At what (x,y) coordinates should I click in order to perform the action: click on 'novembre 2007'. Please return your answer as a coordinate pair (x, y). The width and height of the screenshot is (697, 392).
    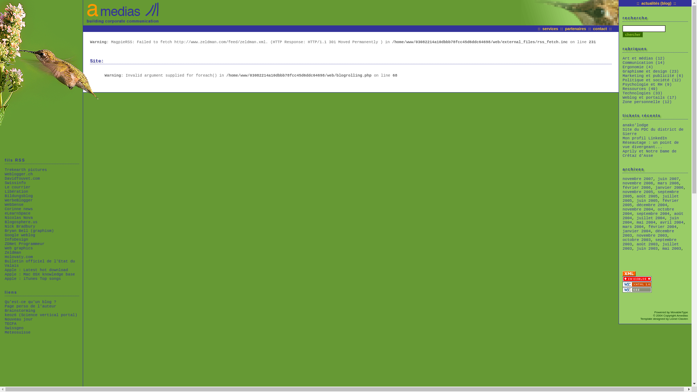
    Looking at the image, I should click on (637, 179).